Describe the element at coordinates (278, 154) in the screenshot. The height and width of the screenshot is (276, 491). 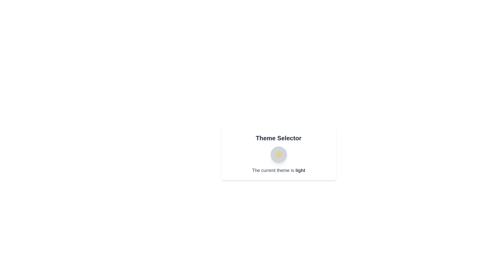
I see `the theme toggle button to switch the theme` at that location.